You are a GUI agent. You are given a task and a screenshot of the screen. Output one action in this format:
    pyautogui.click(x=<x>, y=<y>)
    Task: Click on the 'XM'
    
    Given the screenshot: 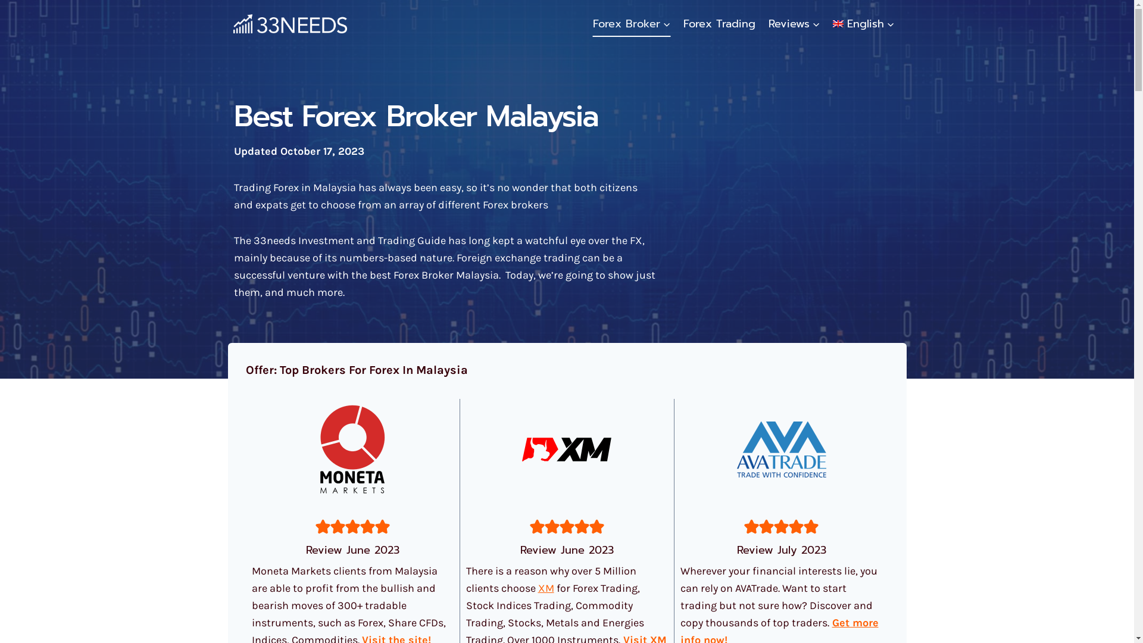 What is the action you would take?
    pyautogui.click(x=545, y=587)
    